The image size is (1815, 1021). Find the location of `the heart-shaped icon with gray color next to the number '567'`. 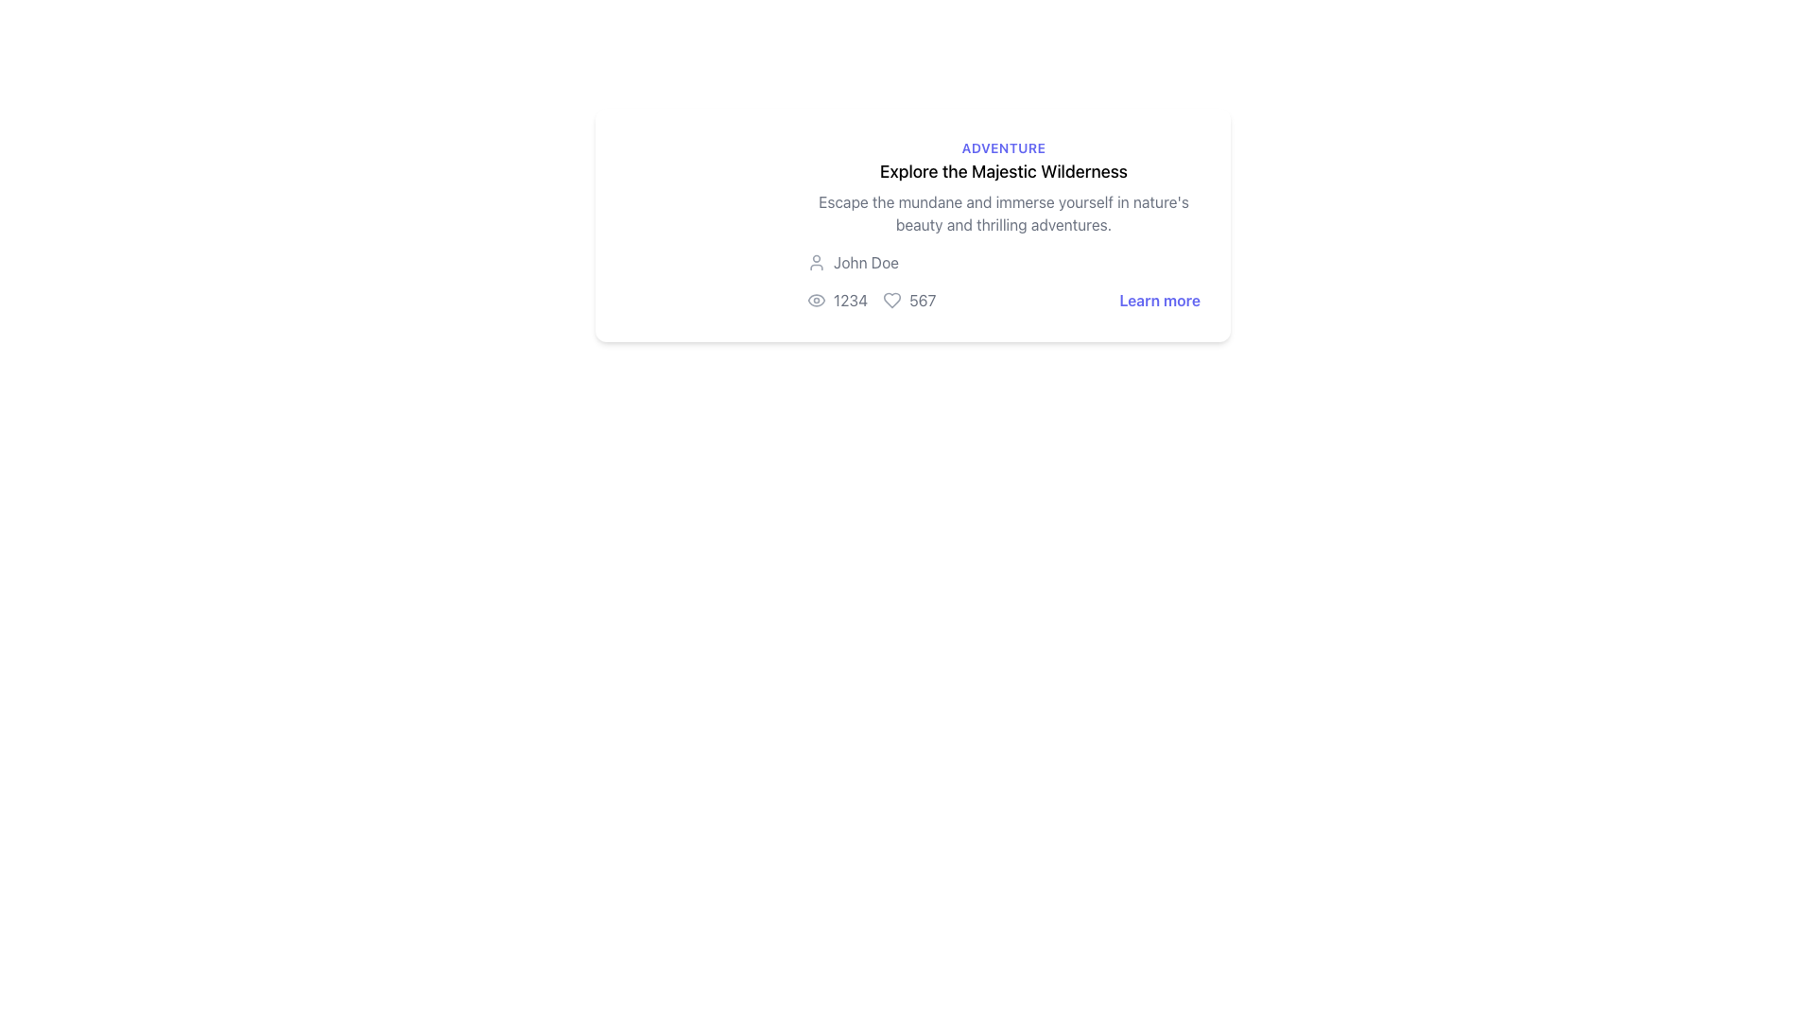

the heart-shaped icon with gray color next to the number '567' is located at coordinates (891, 299).